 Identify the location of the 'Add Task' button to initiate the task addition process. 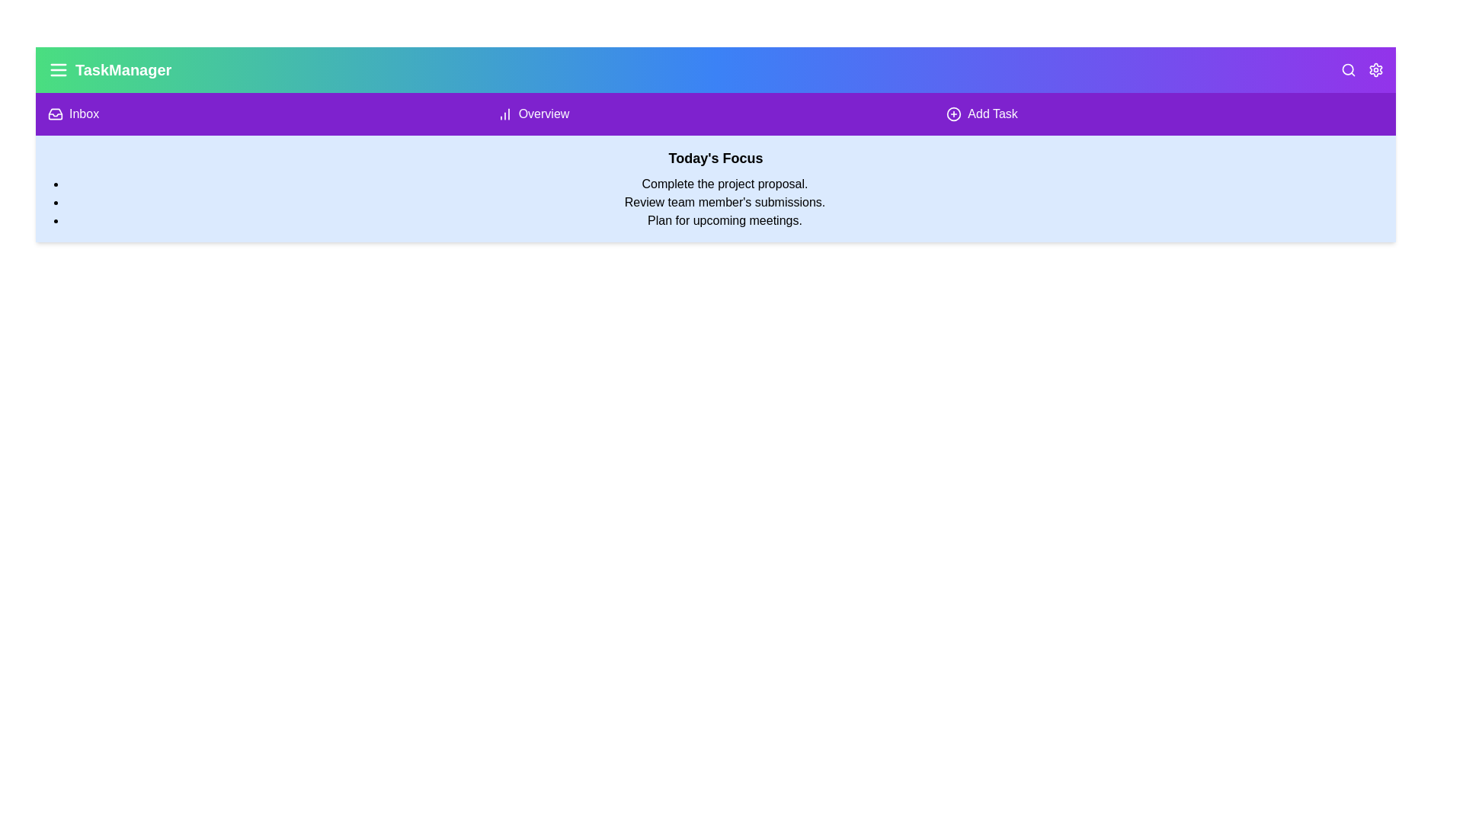
(1164, 114).